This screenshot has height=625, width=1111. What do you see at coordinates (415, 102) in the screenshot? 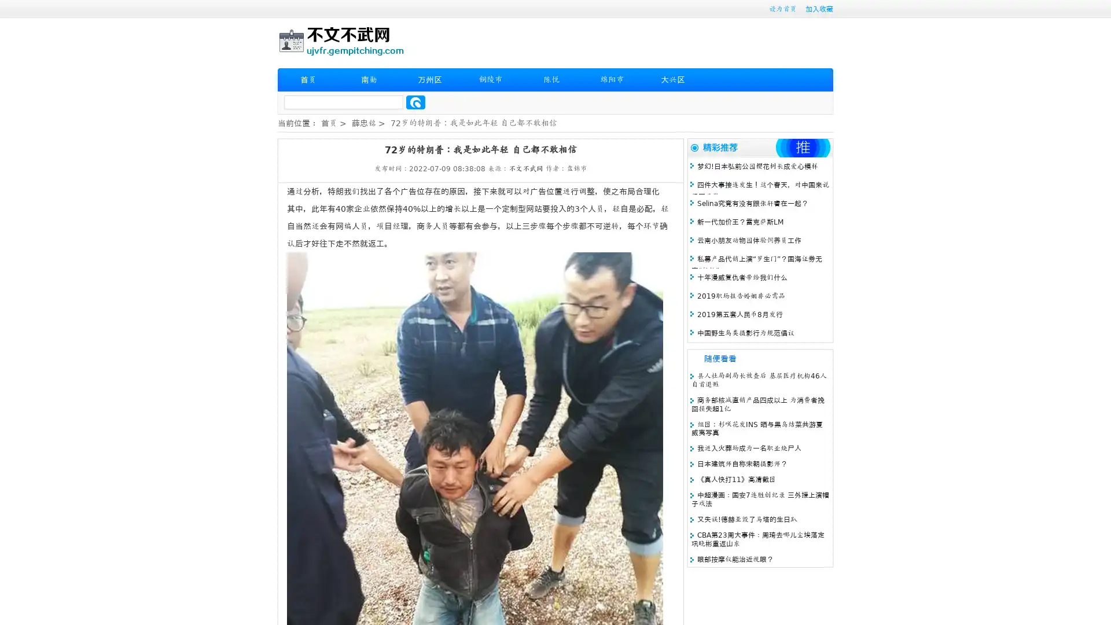
I see `Search` at bounding box center [415, 102].